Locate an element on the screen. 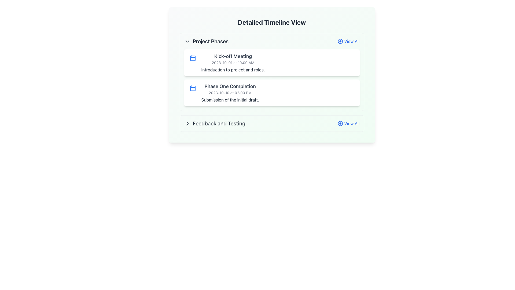 Image resolution: width=515 pixels, height=290 pixels. contents of the static informational block about 'Phase One Completion', which is the second item under 'Project Phases' and provides details about its timeline and description is located at coordinates (230, 93).